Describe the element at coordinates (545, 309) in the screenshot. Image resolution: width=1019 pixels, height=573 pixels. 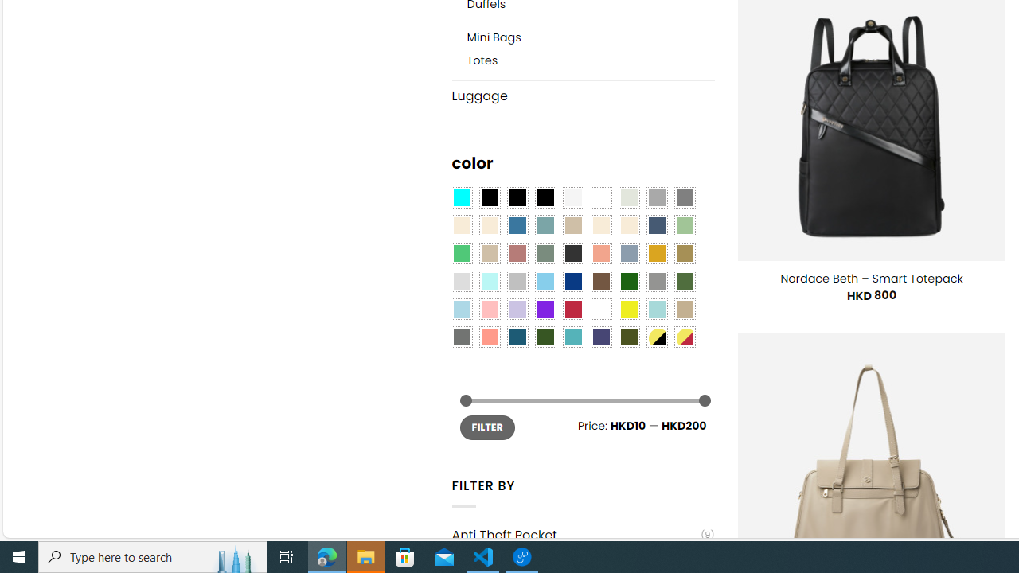
I see `'Purple'` at that location.